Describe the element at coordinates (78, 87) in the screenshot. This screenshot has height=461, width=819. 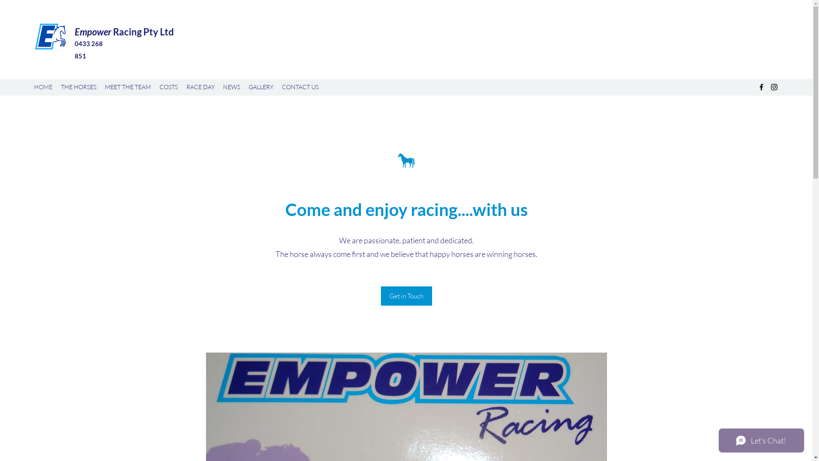
I see `'THE HORSES'` at that location.